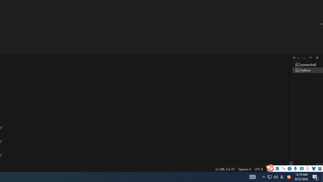  What do you see at coordinates (308, 70) in the screenshot?
I see `'Terminal 5 Python'` at bounding box center [308, 70].